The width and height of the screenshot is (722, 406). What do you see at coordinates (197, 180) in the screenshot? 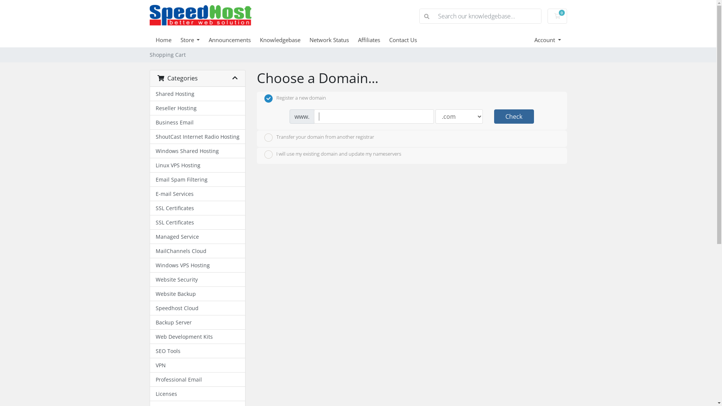
I see `'Email Spam Filtering'` at bounding box center [197, 180].